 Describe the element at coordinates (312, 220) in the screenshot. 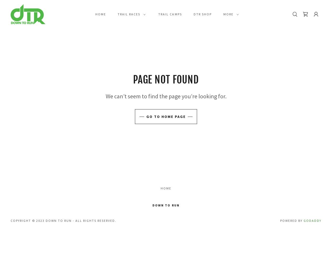

I see `'GoDaddy'` at that location.